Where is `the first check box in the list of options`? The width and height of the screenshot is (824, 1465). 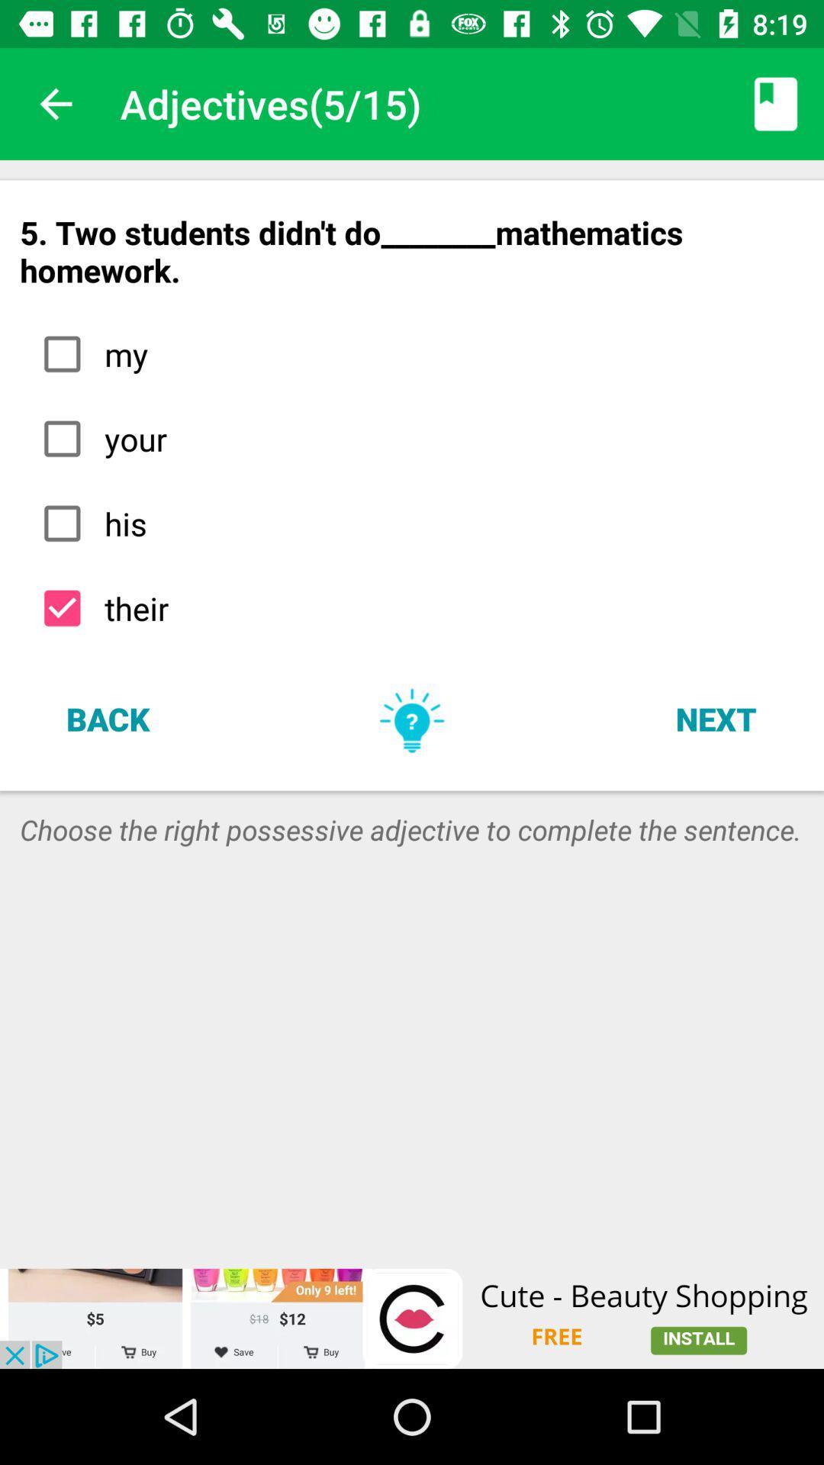 the first check box in the list of options is located at coordinates (61, 353).